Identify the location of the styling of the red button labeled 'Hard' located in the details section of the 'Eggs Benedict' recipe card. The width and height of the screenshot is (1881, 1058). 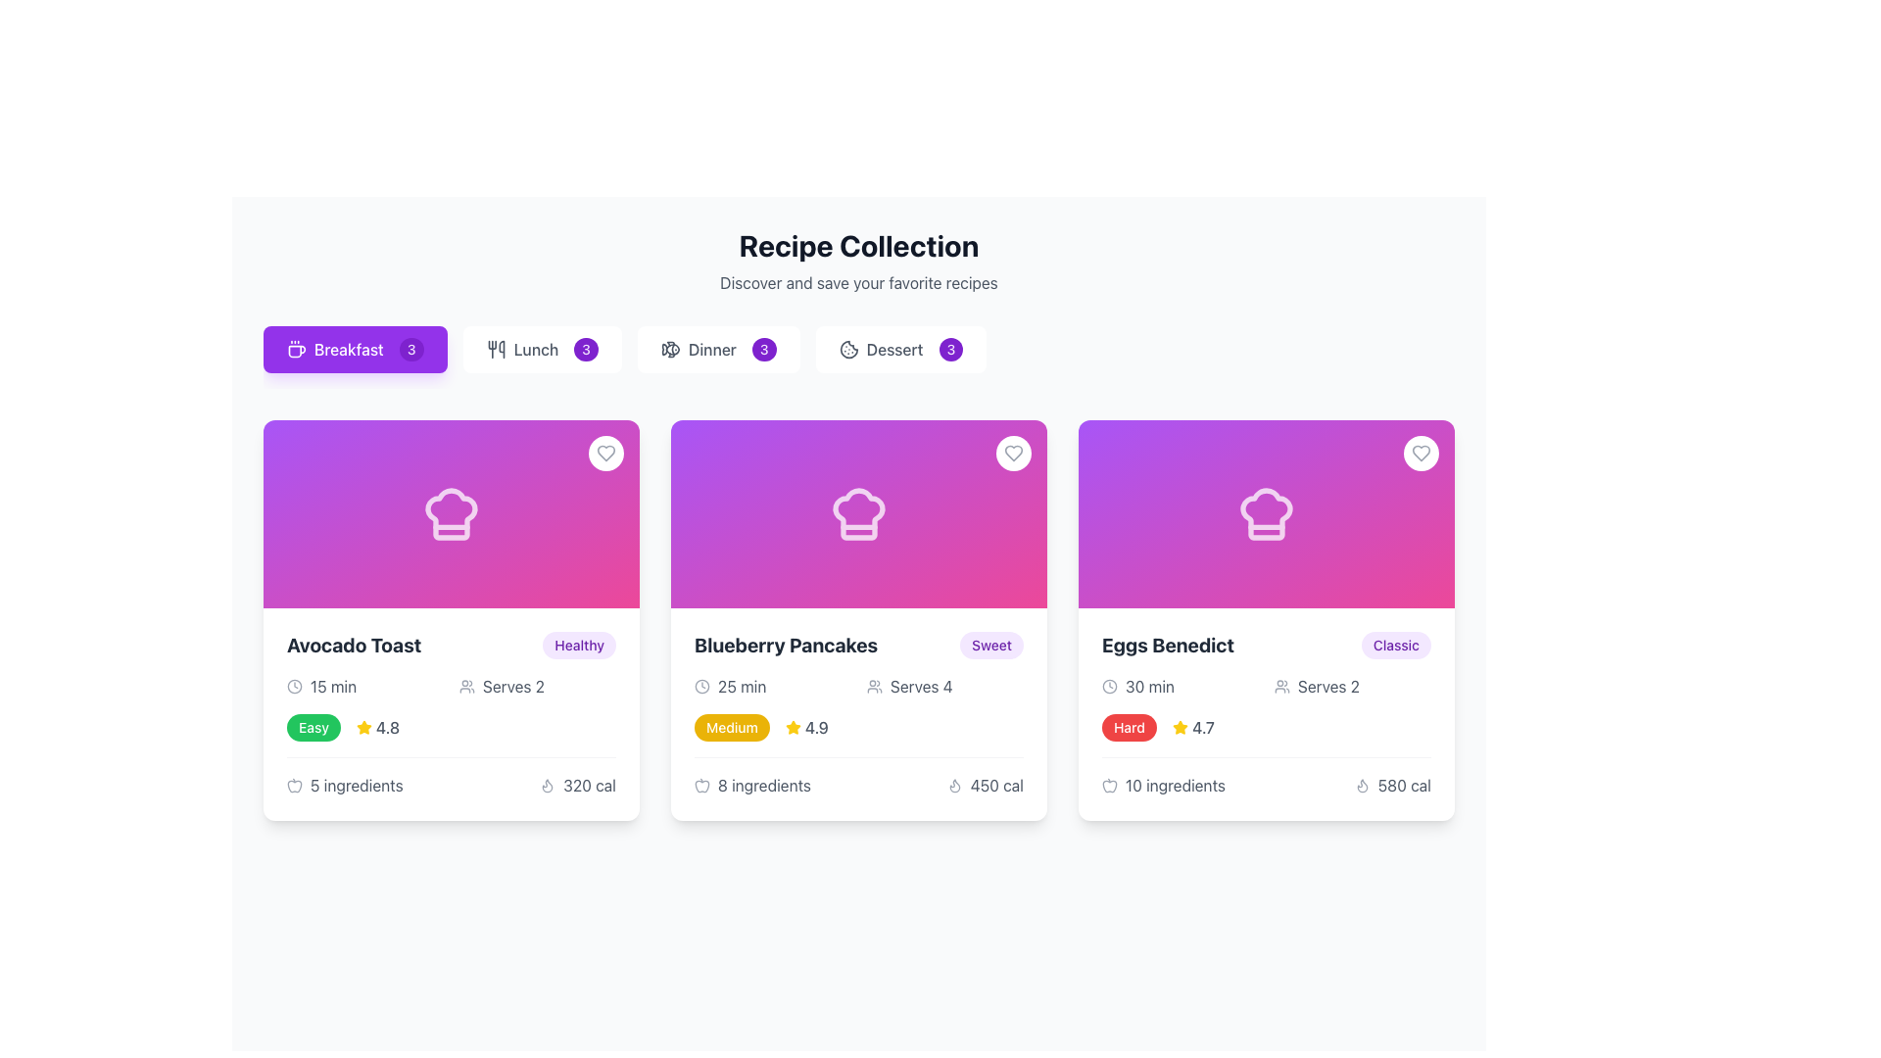
(1129, 728).